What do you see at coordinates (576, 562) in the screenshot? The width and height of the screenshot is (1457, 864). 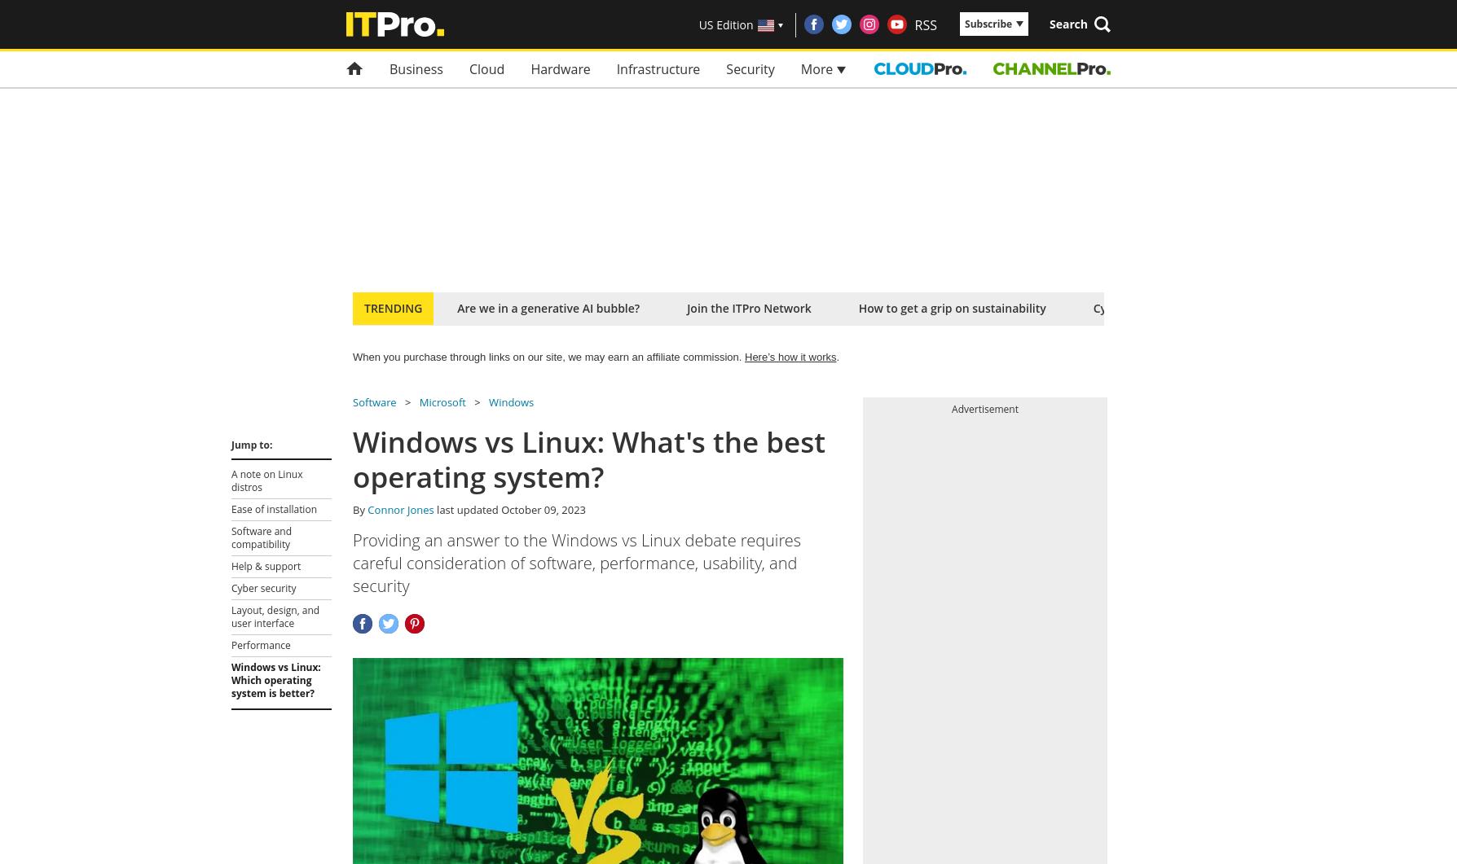 I see `'Providing an answer to the Windows vs Linux debate requires careful consideration of software, performance, usability, and security'` at bounding box center [576, 562].